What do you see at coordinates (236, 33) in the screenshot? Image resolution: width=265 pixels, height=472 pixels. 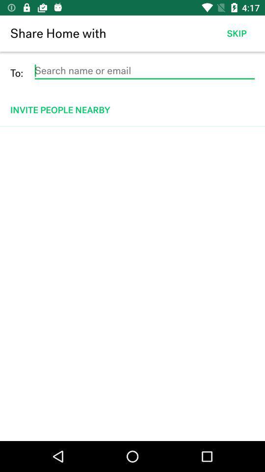 I see `skip at the top right corner` at bounding box center [236, 33].